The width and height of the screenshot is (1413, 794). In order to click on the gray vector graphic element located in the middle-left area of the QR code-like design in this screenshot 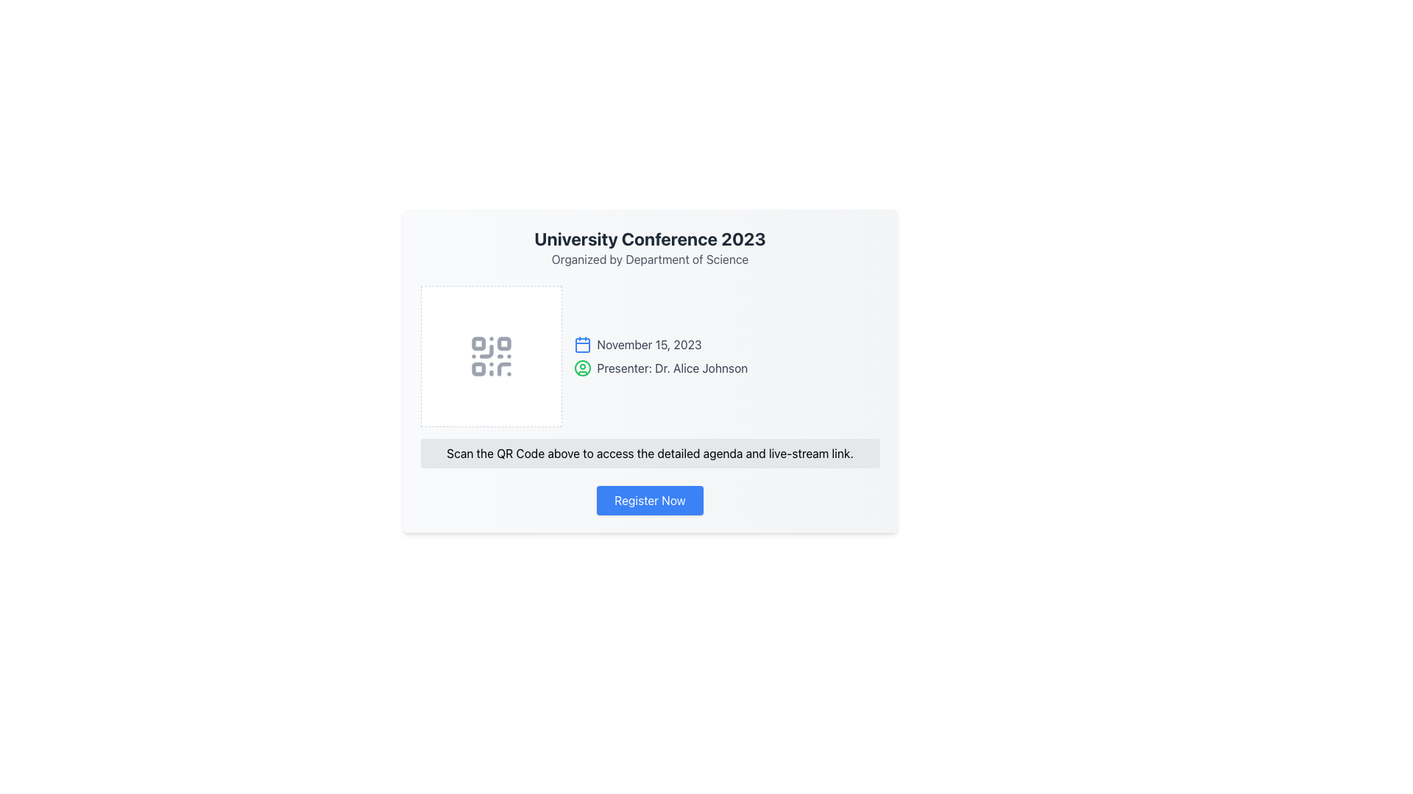, I will do `click(486, 351)`.